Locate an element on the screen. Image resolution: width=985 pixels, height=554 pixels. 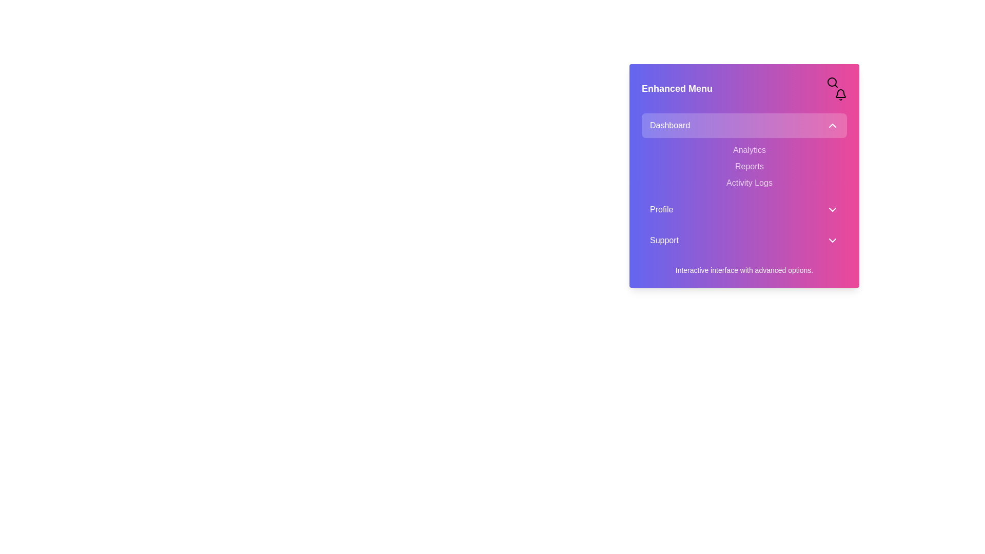
the magnifying glass icon in the toolbar utility located in the top-right corner of the 'Enhanced Menu' card is located at coordinates (837, 88).